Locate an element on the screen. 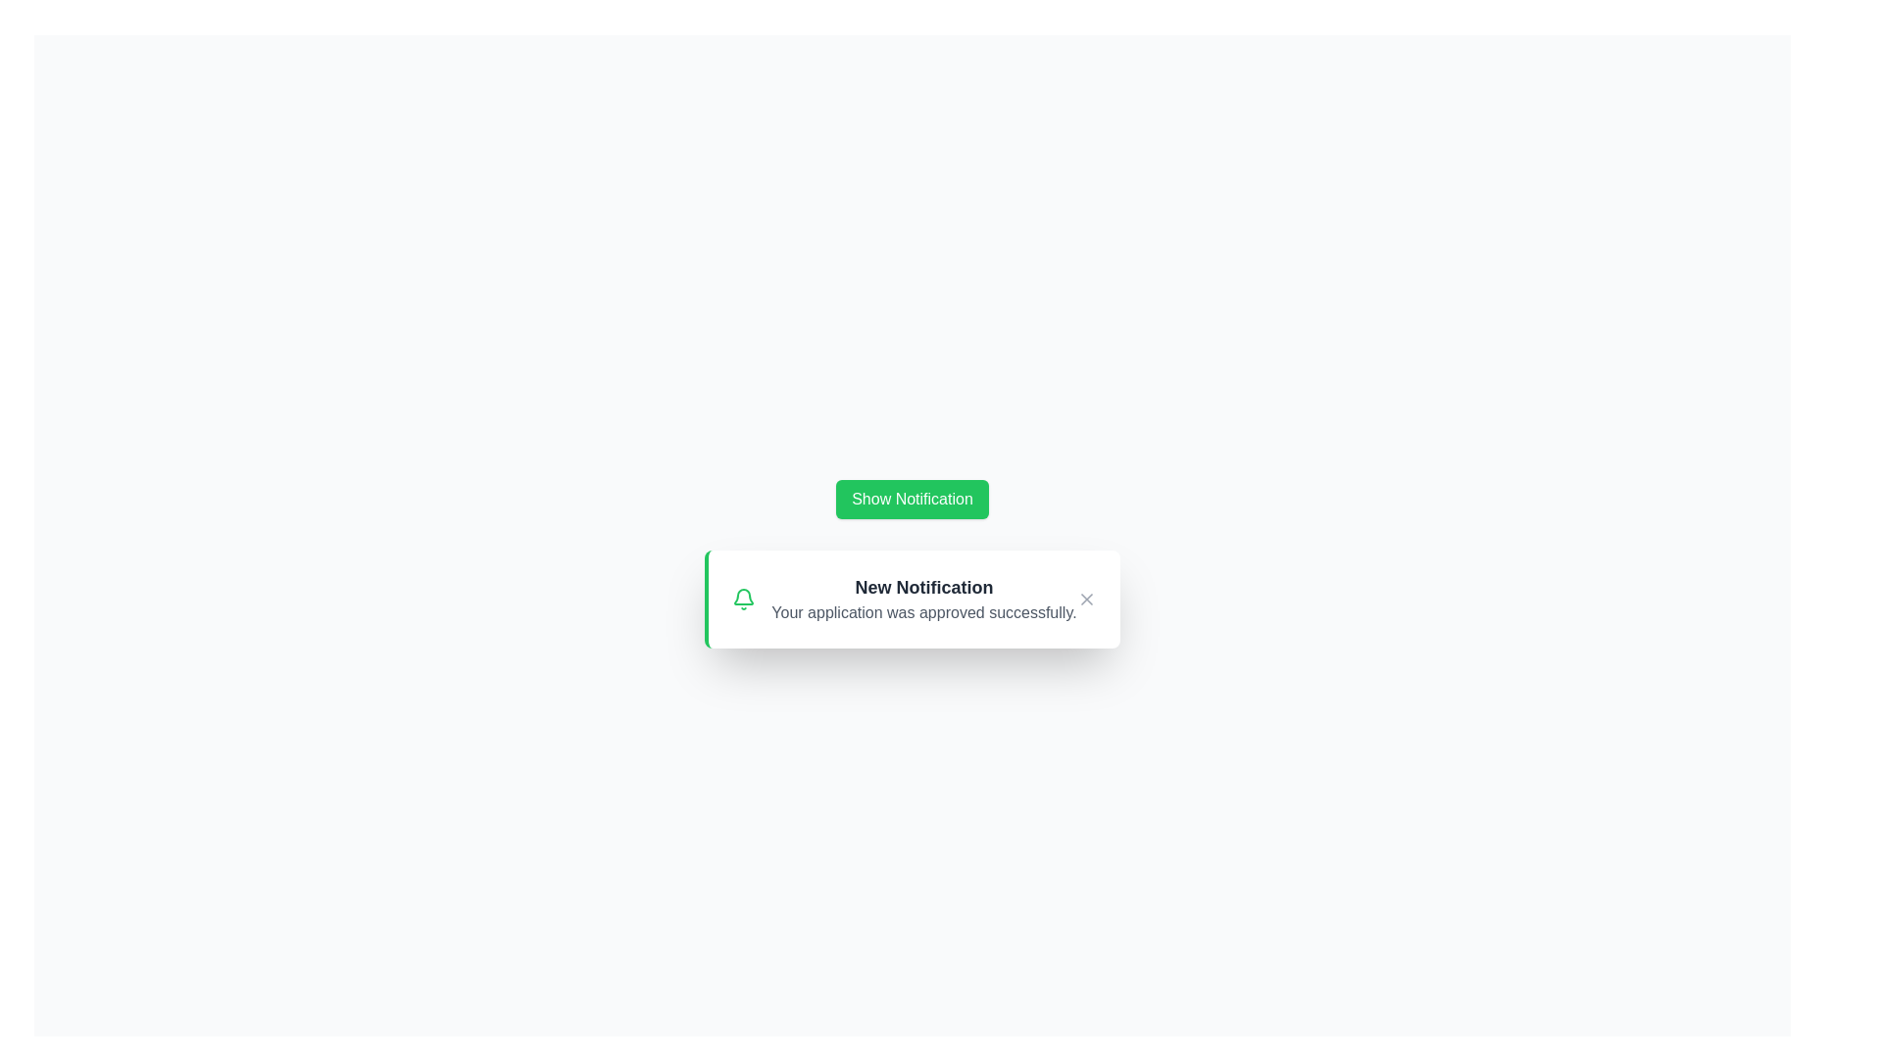  text label displaying 'New Notification' which is located at the top center of the notification card is located at coordinates (922, 587).